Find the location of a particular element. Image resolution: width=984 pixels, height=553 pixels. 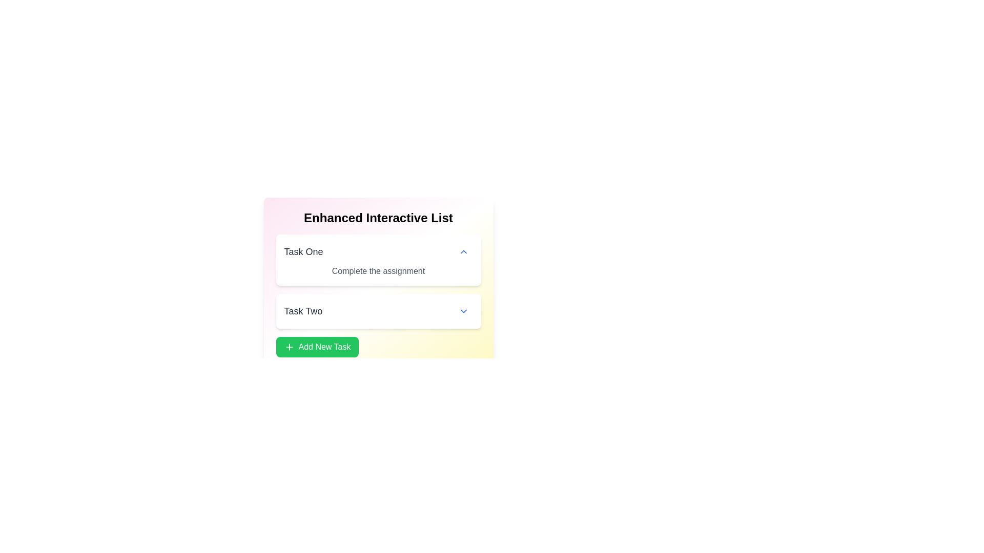

'Add New Task' button to add a new task to the list is located at coordinates (317, 347).